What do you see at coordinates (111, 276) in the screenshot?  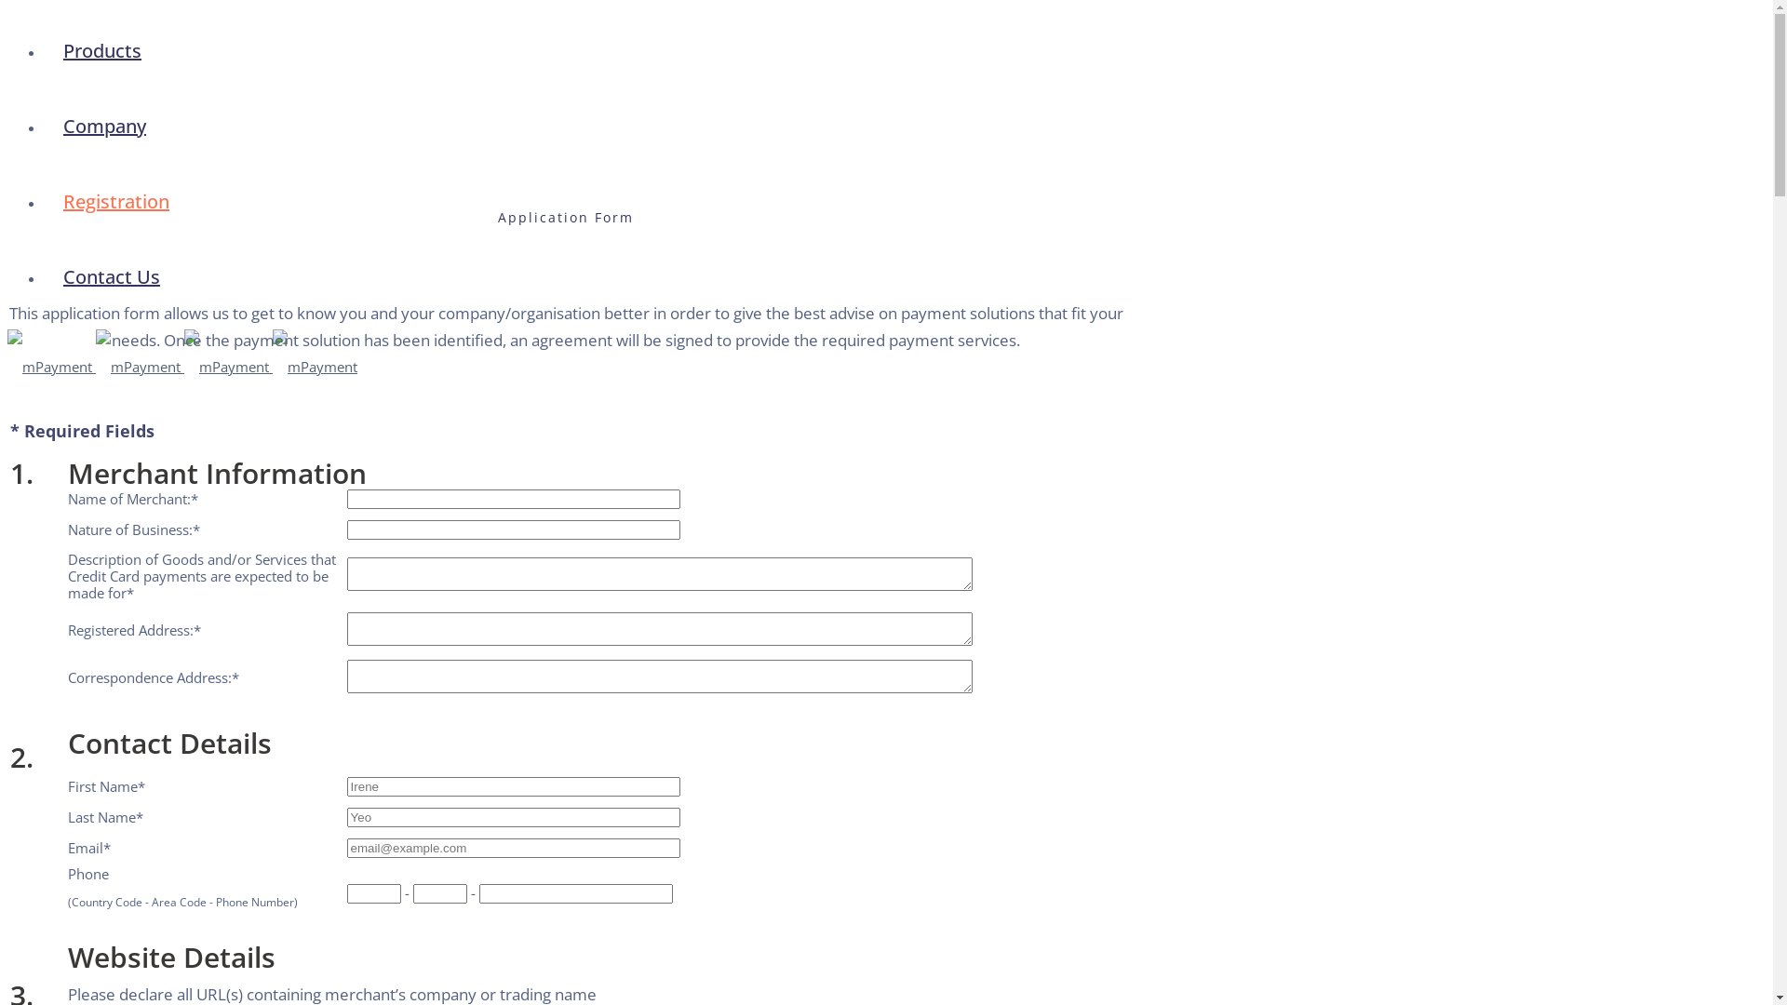 I see `'Contact Us'` at bounding box center [111, 276].